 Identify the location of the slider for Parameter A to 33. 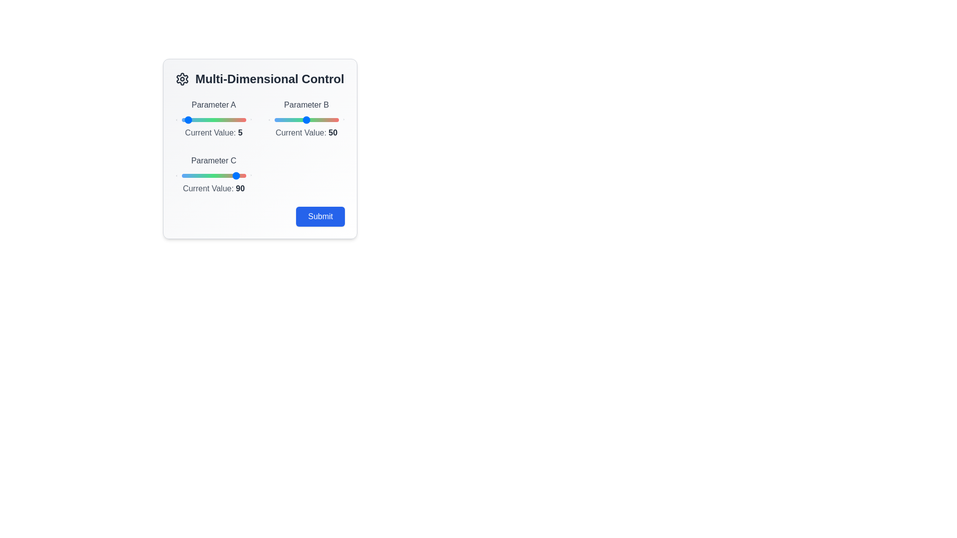
(202, 119).